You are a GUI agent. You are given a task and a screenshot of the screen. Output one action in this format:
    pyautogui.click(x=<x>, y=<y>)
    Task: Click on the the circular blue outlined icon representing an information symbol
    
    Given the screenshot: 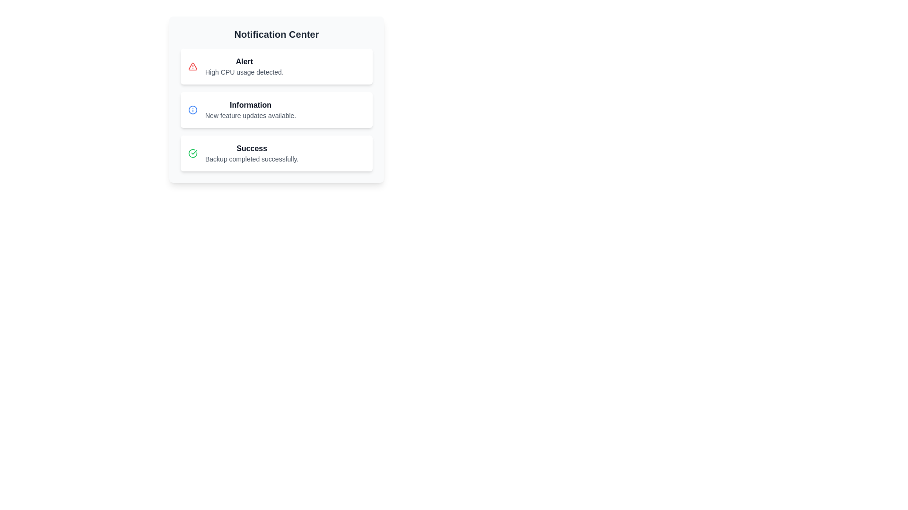 What is the action you would take?
    pyautogui.click(x=192, y=109)
    